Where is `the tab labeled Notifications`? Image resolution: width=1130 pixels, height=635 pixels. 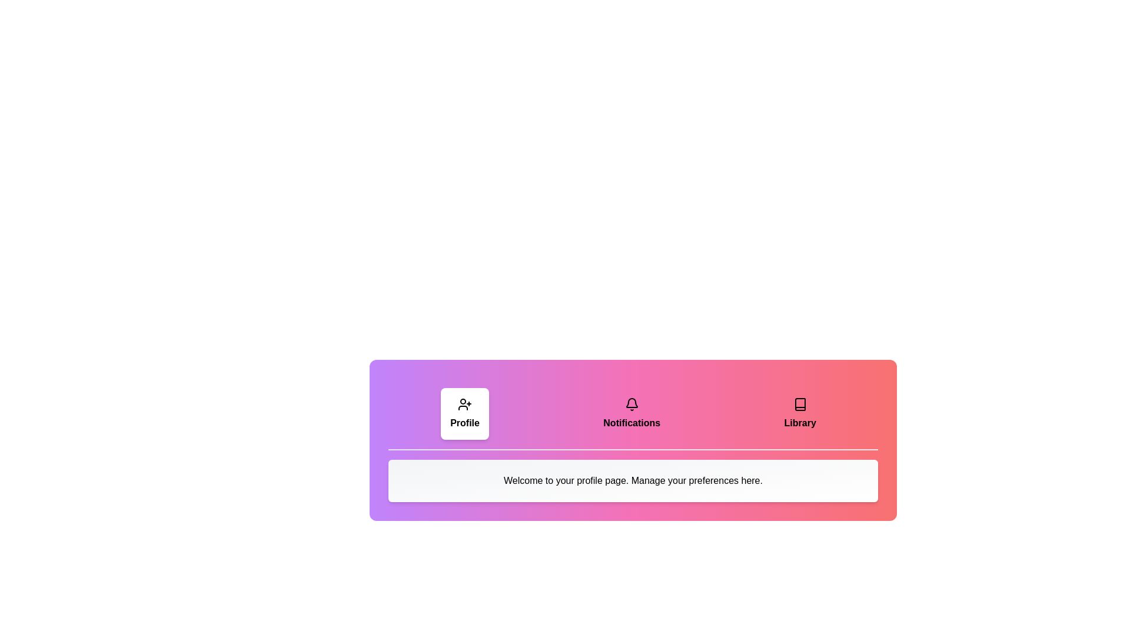 the tab labeled Notifications is located at coordinates (632, 413).